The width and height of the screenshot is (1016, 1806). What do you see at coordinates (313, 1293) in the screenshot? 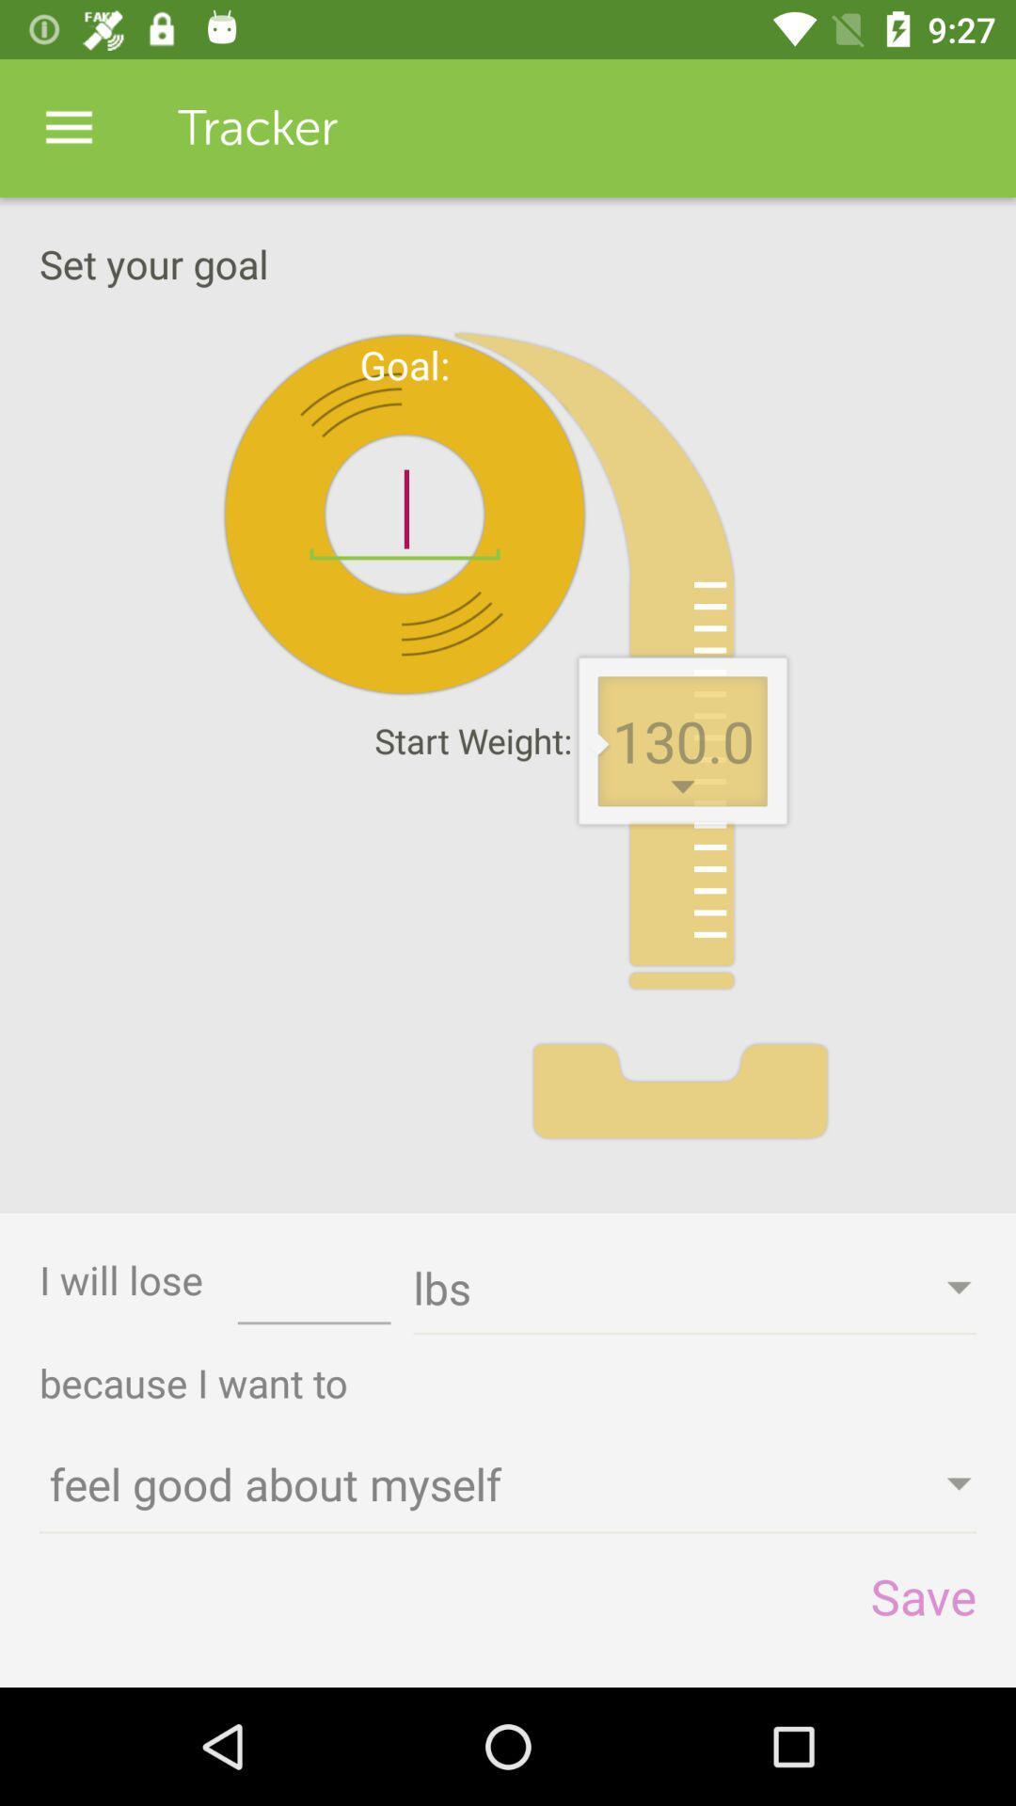
I see `the icon to the left of lbs icon` at bounding box center [313, 1293].